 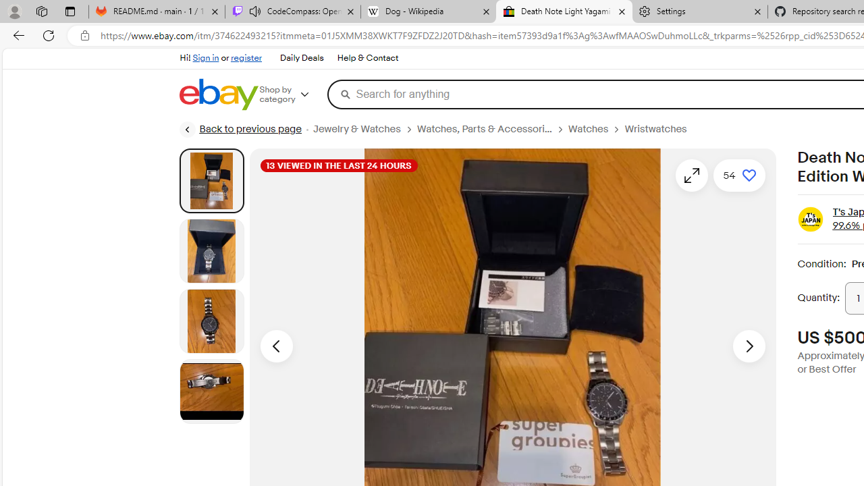 What do you see at coordinates (255, 11) in the screenshot?
I see `'Mute tab'` at bounding box center [255, 11].